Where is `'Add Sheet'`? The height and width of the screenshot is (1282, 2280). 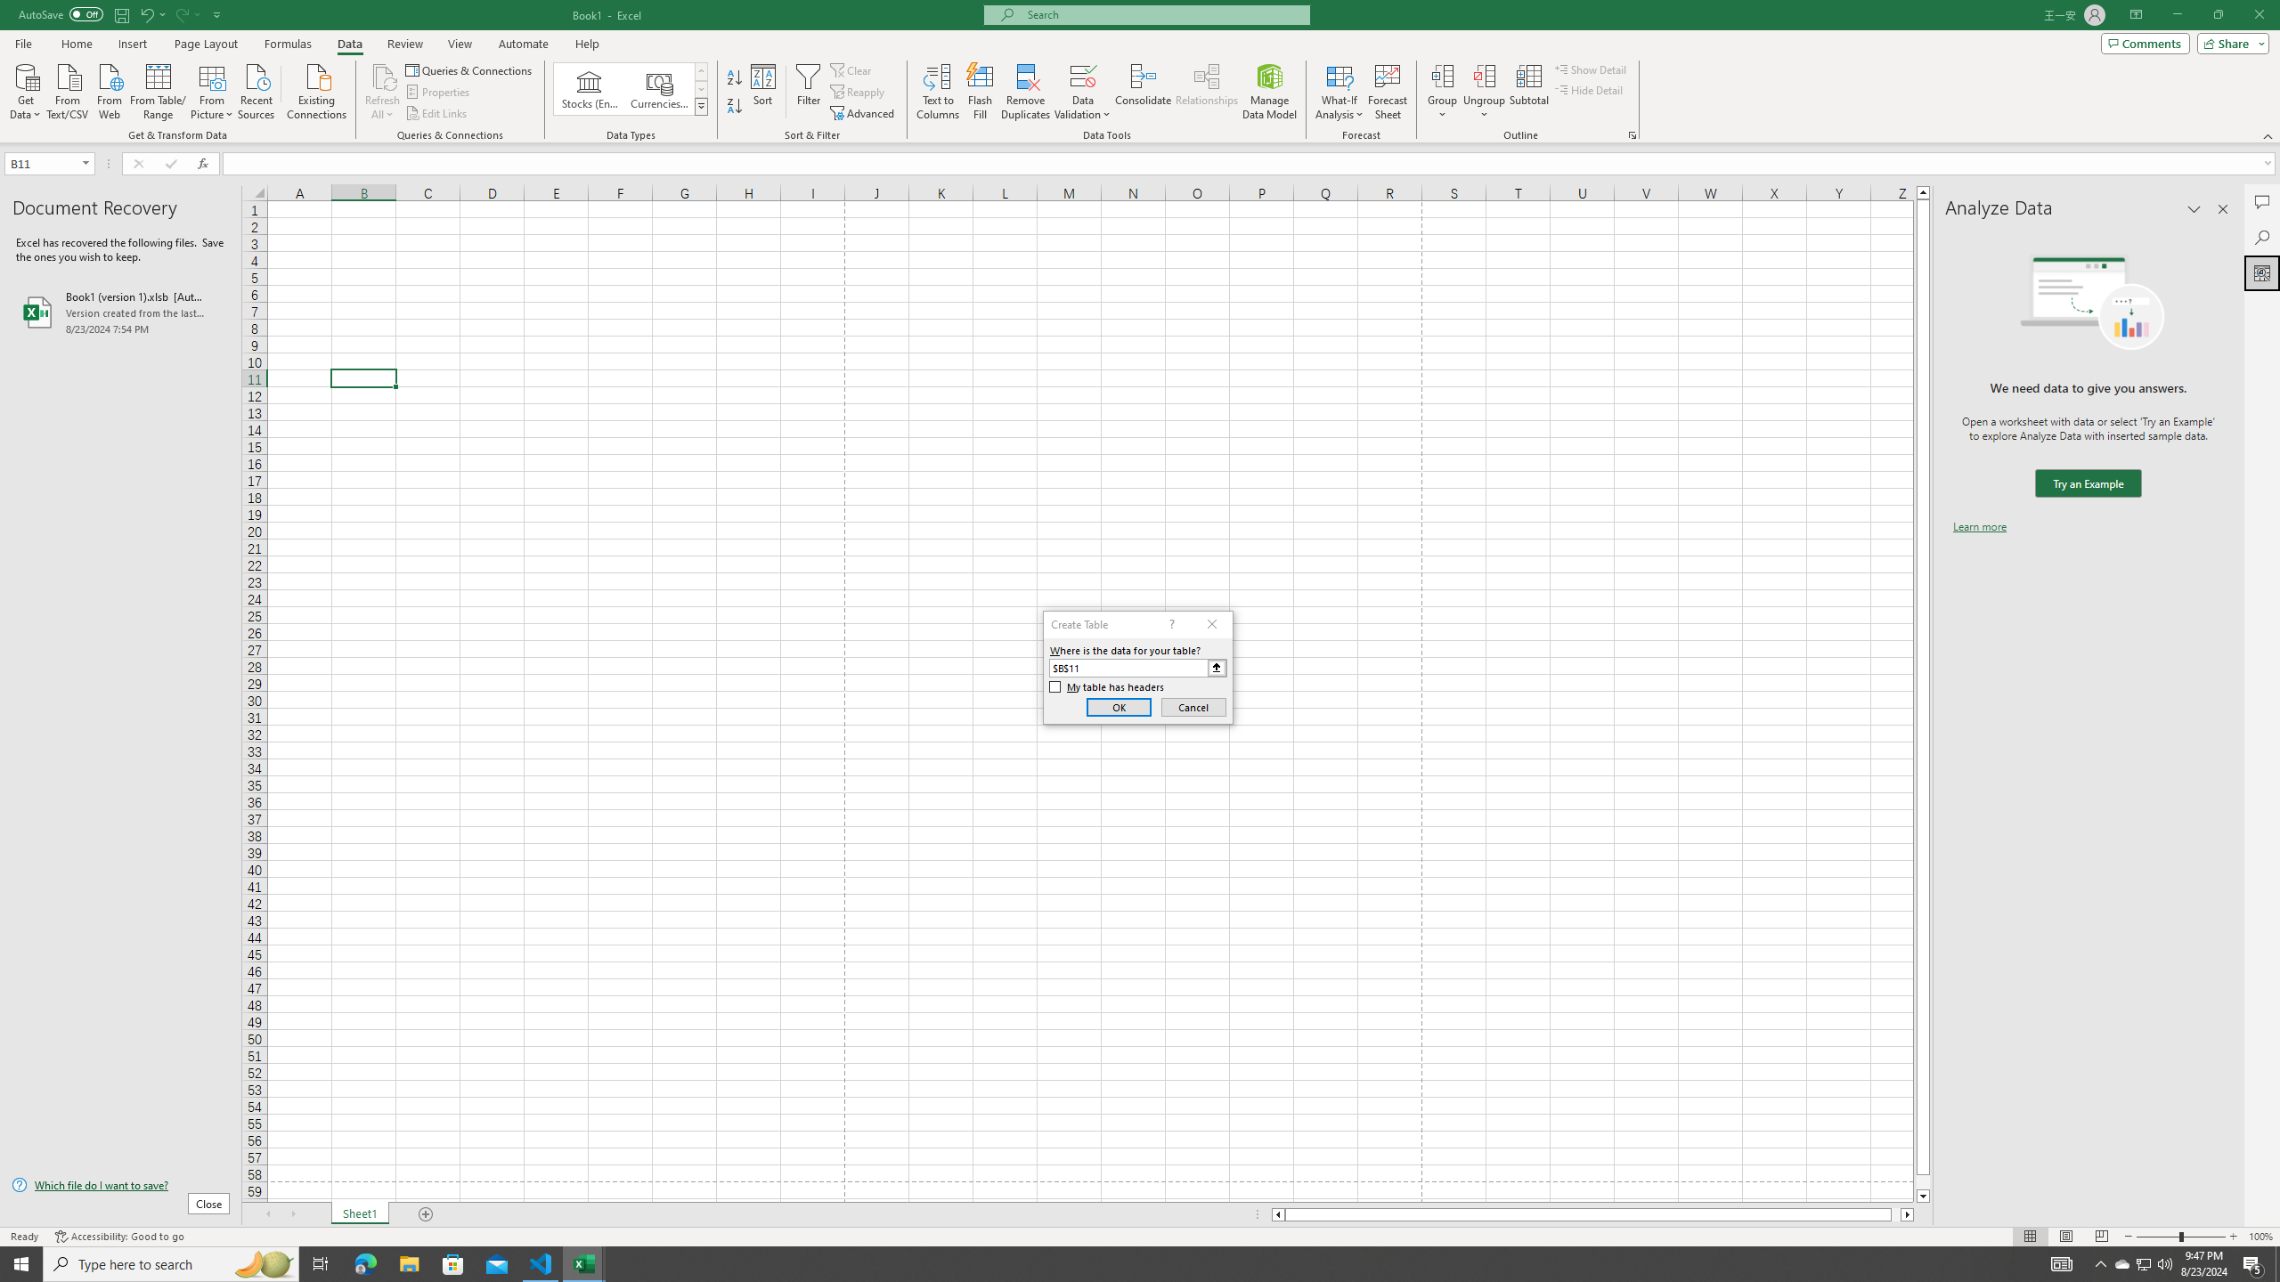 'Add Sheet' is located at coordinates (427, 1213).